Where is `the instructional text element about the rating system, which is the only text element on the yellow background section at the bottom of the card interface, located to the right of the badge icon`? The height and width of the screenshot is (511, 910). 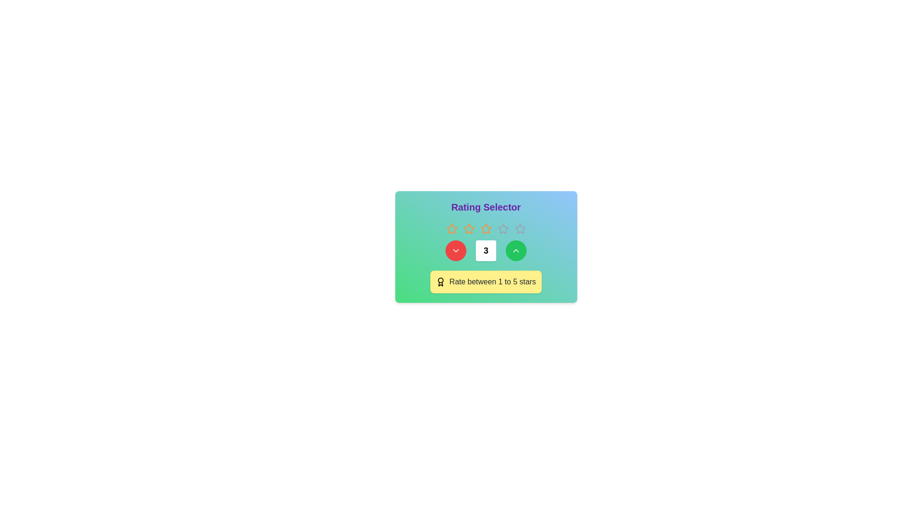
the instructional text element about the rating system, which is the only text element on the yellow background section at the bottom of the card interface, located to the right of the badge icon is located at coordinates (492, 282).